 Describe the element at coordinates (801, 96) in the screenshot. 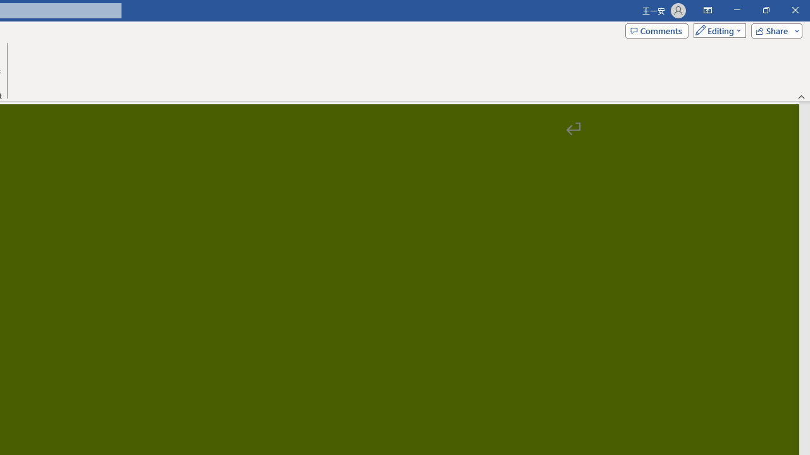

I see `'Collapse the Ribbon'` at that location.